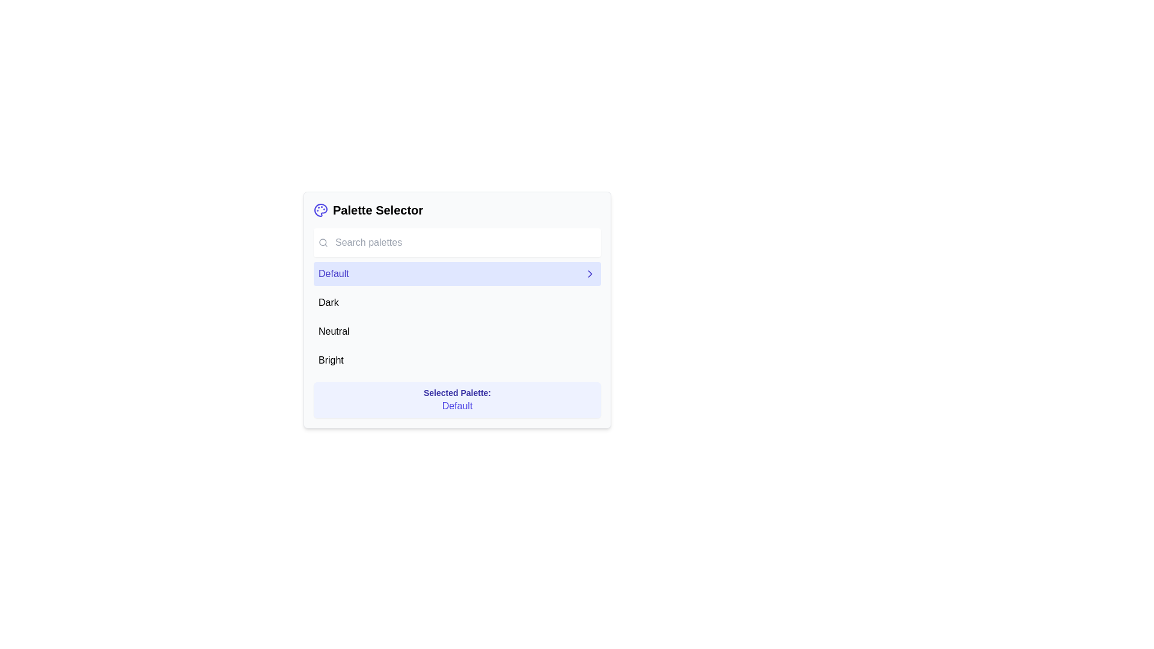 Image resolution: width=1154 pixels, height=649 pixels. What do you see at coordinates (323, 242) in the screenshot?
I see `the circular vector graphic that resembles a magnifying glass lens, positioned next to the 'Search palettes' text input field in the top-left corner of the palette selector interface` at bounding box center [323, 242].